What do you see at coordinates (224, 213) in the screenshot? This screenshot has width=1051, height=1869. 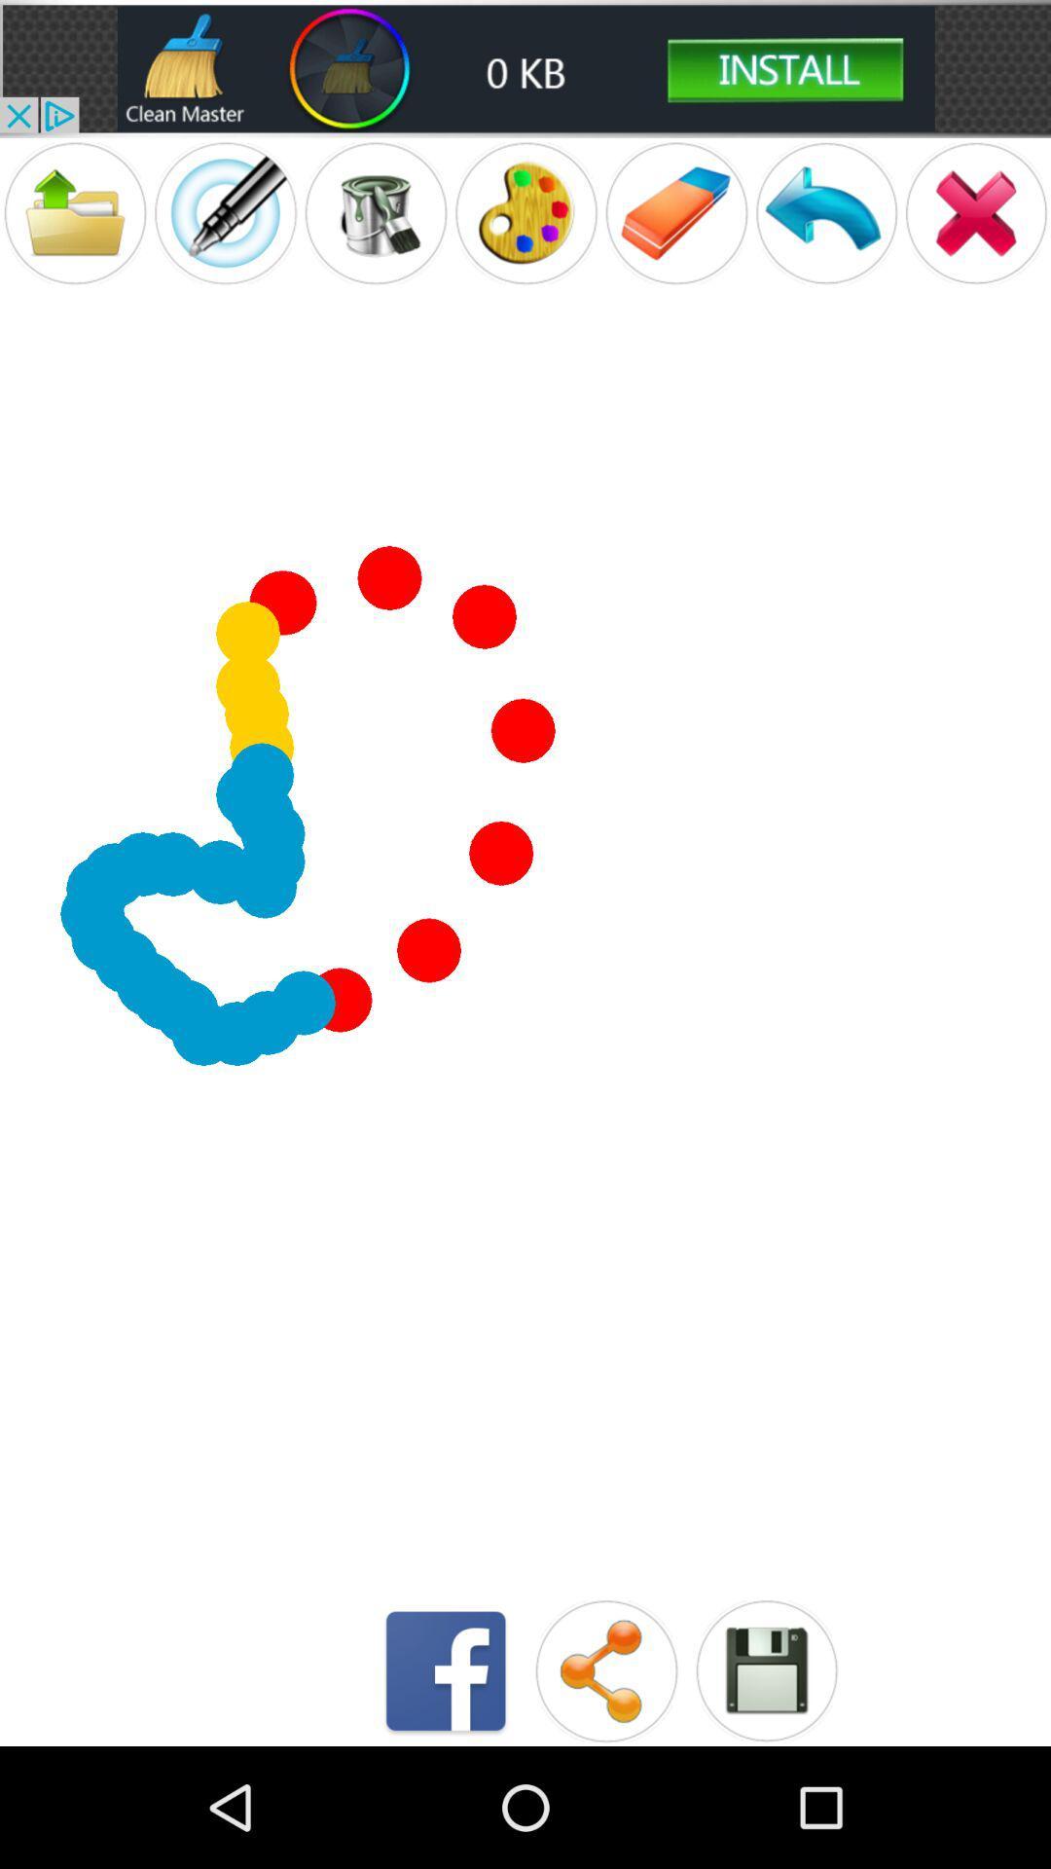 I see `pencil to paint` at bounding box center [224, 213].